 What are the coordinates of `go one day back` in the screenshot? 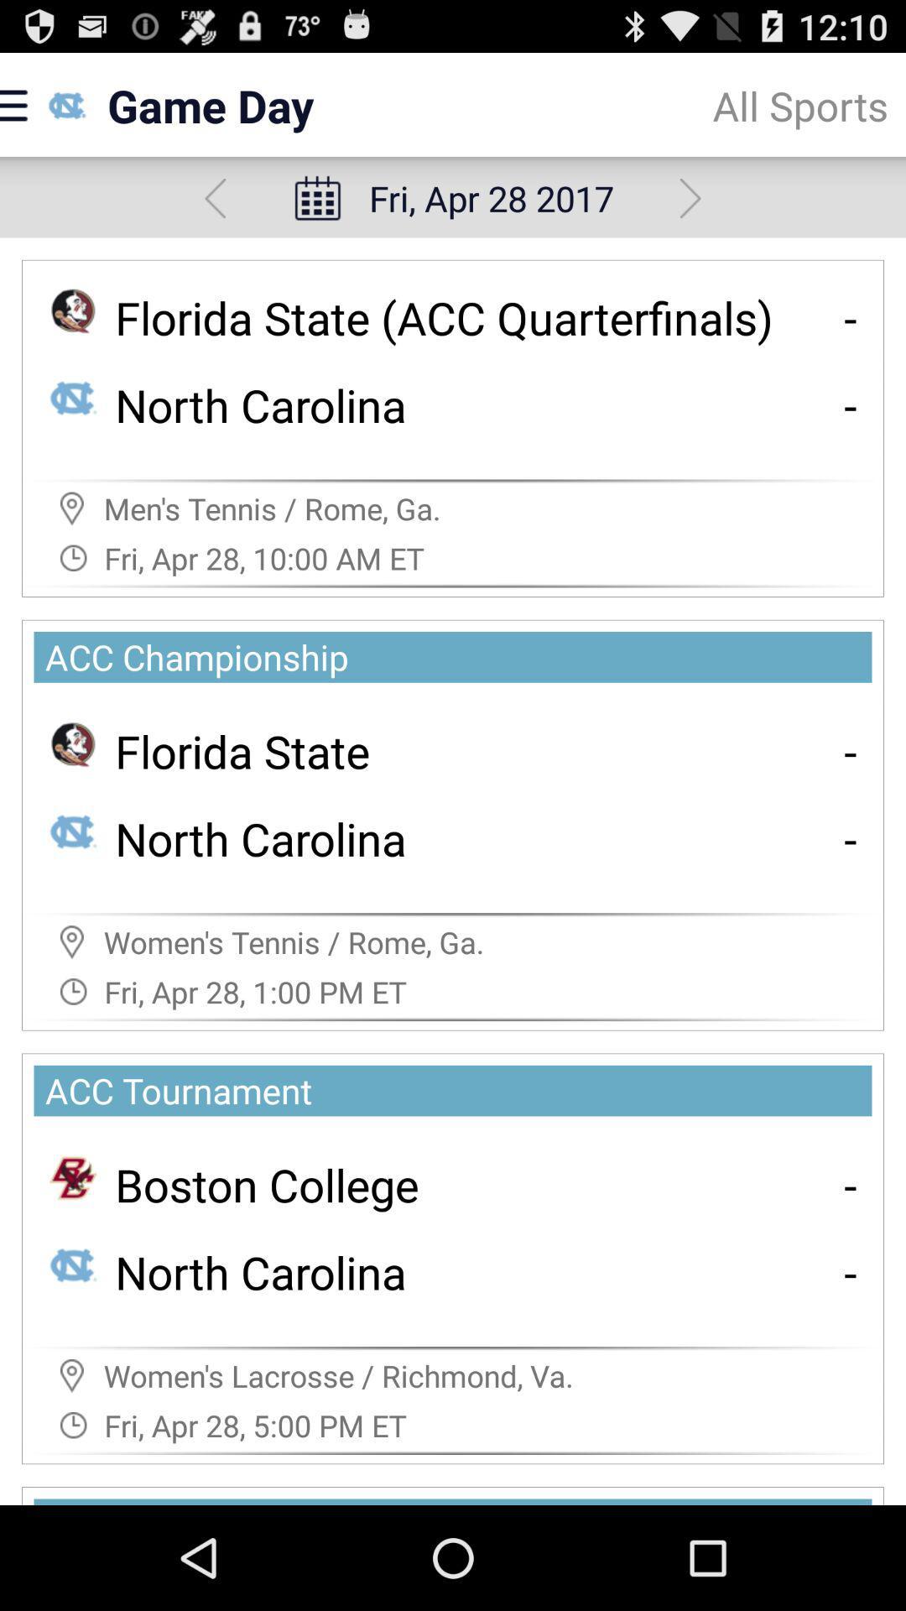 It's located at (214, 198).